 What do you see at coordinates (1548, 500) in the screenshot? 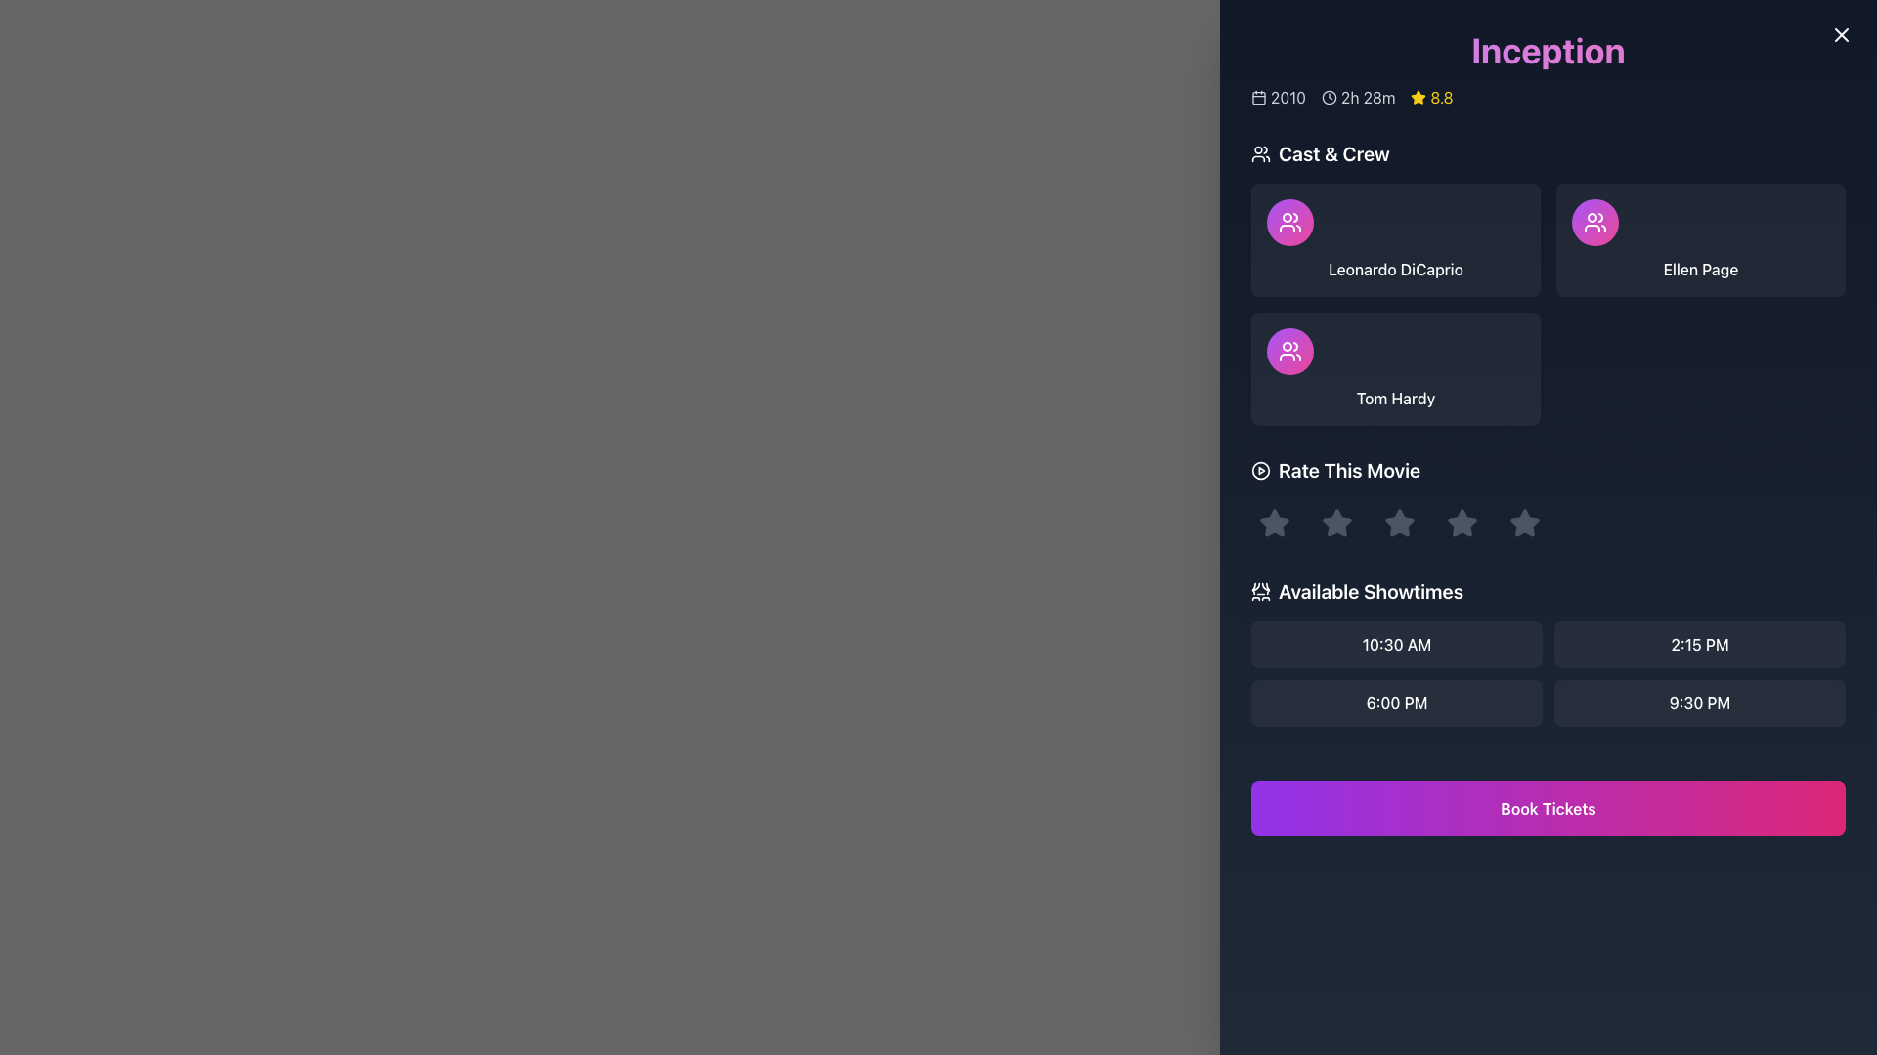
I see `the Rating Widget for movie ratings, which is located in the middle-right area of the interface, following 'Cast & Crew' and above 'Available Showtimes'` at bounding box center [1548, 500].